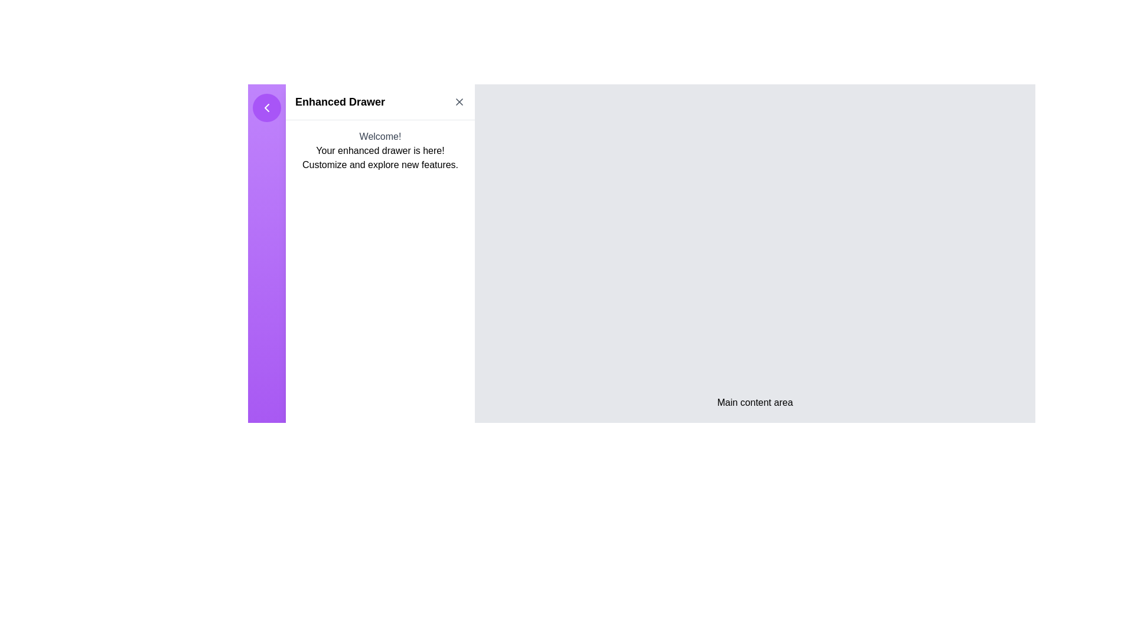 This screenshot has width=1134, height=637. I want to click on the 'Welcome!' text label styled with gray color and medium-sized font, located at the top of the side drawer's central portion, so click(380, 136).